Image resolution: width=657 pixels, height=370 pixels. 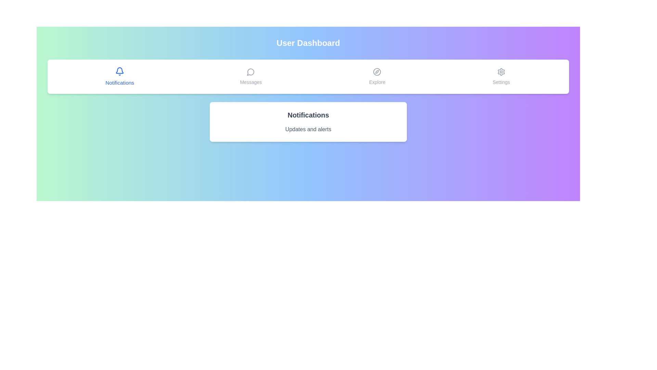 I want to click on the tab labeled Messages to observe its hover effect, so click(x=250, y=76).